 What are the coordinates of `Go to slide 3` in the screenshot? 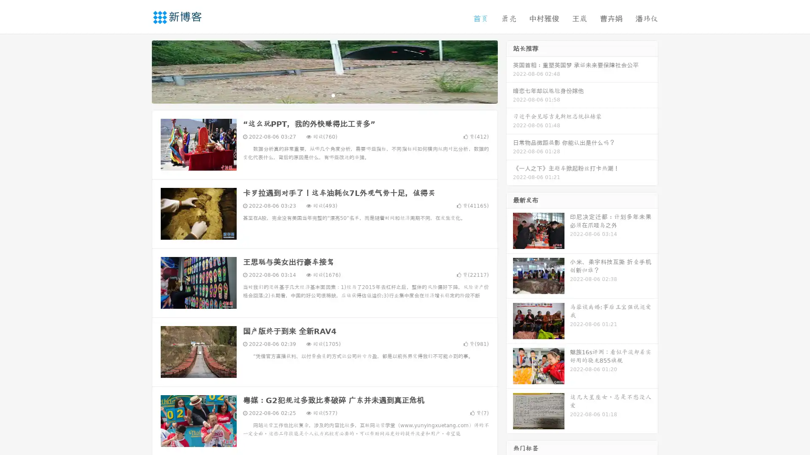 It's located at (333, 95).